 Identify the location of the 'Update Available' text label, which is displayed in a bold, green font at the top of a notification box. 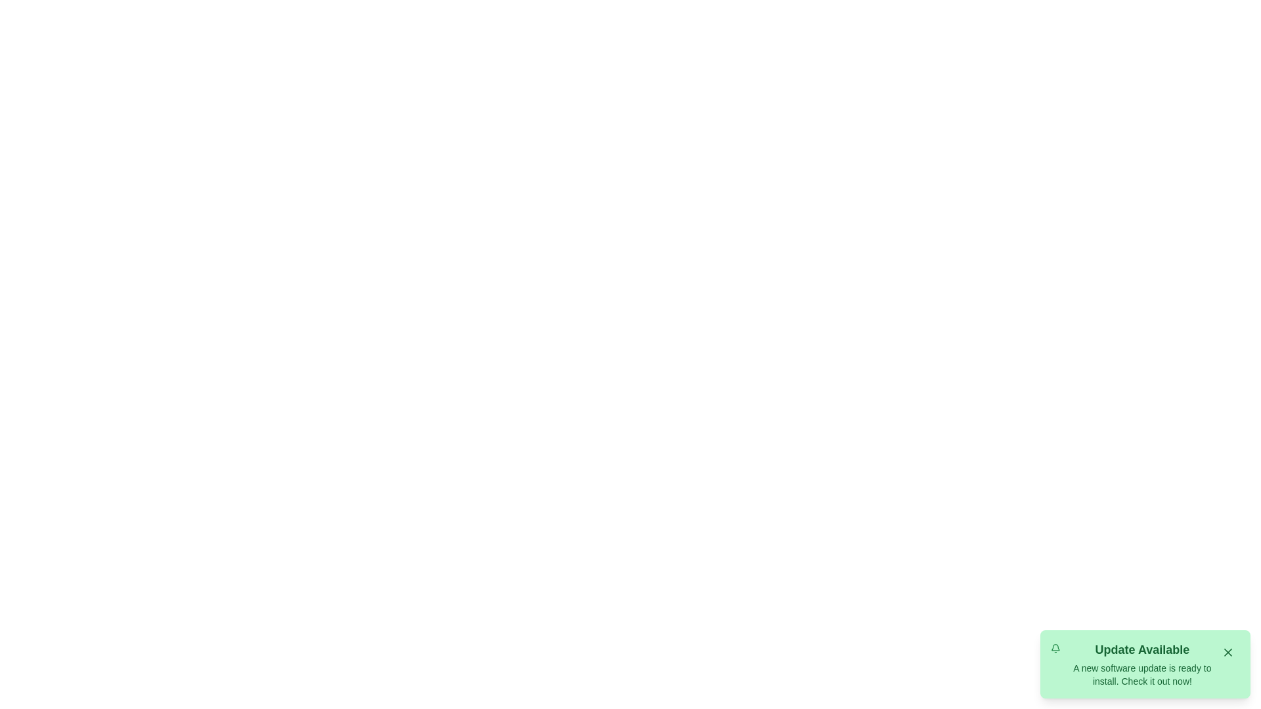
(1141, 650).